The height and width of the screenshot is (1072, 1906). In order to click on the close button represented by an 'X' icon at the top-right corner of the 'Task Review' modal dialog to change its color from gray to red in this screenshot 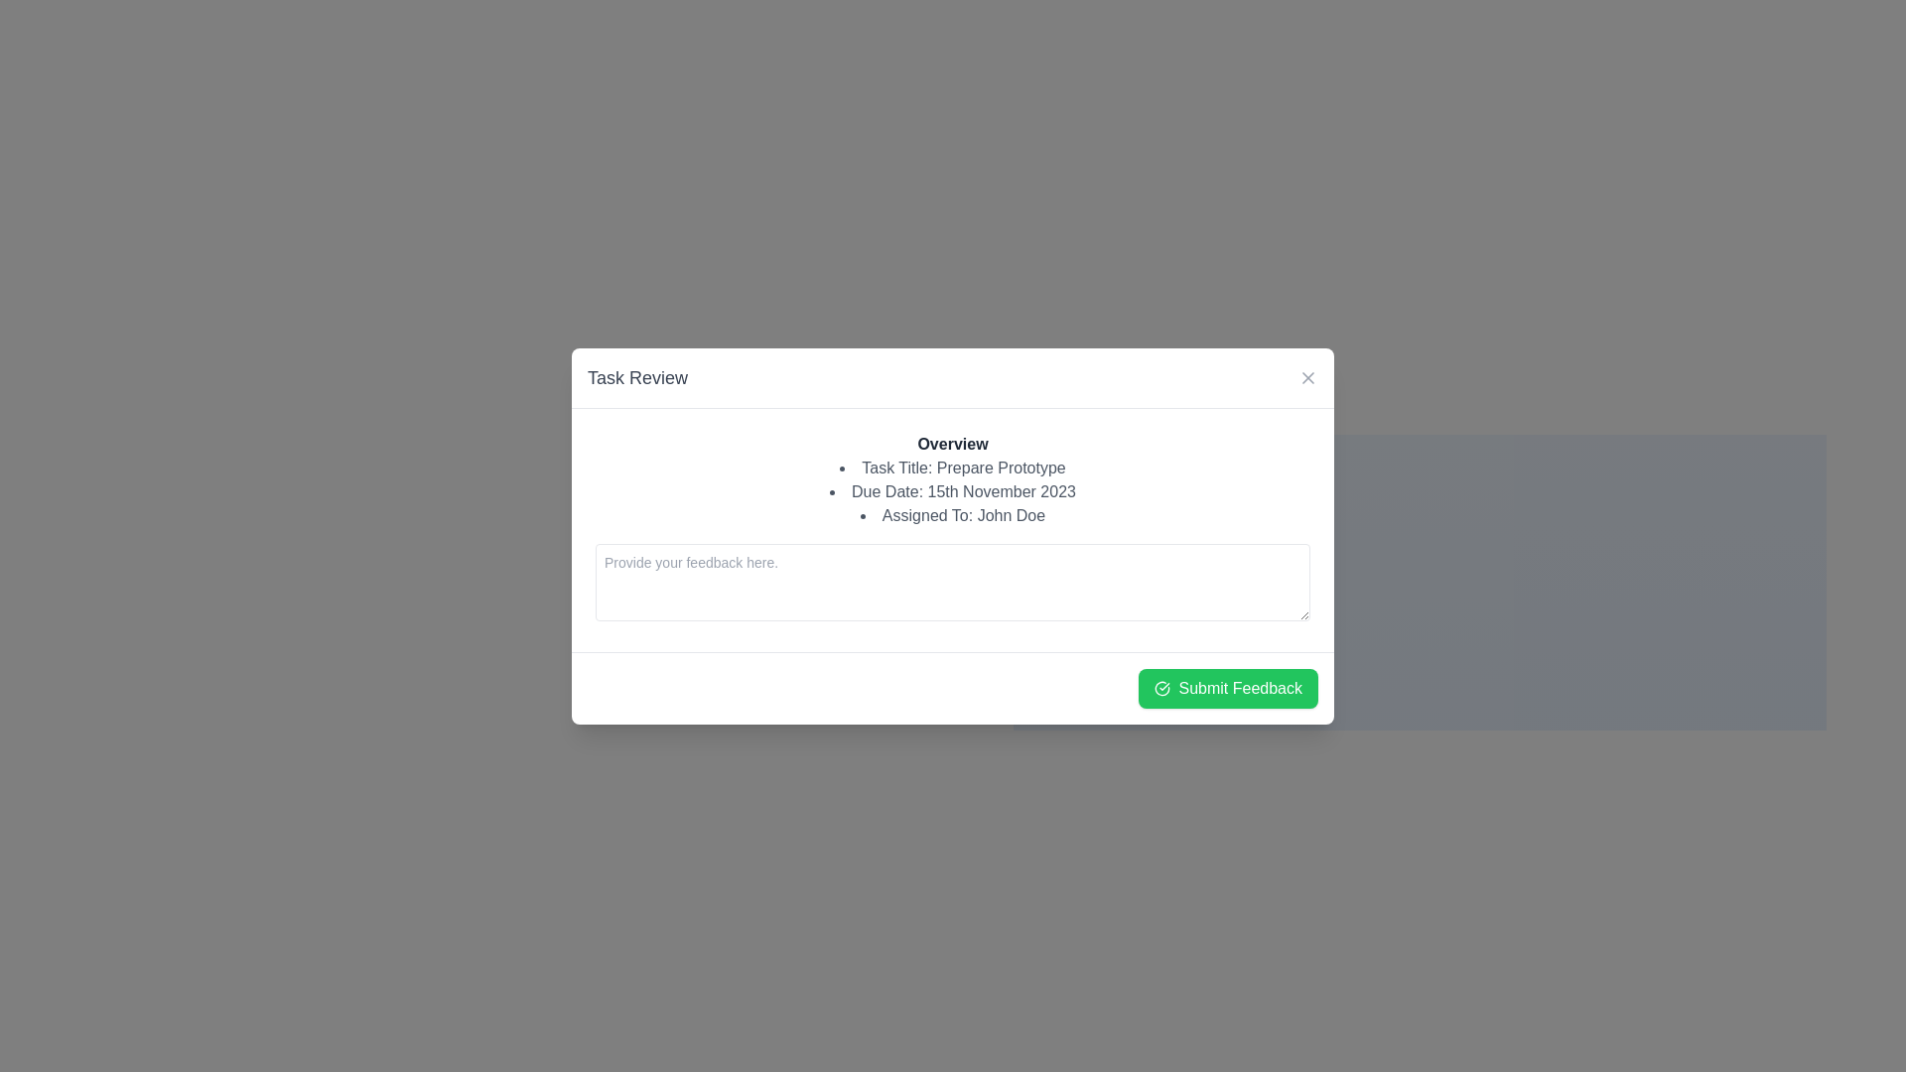, I will do `click(1308, 377)`.